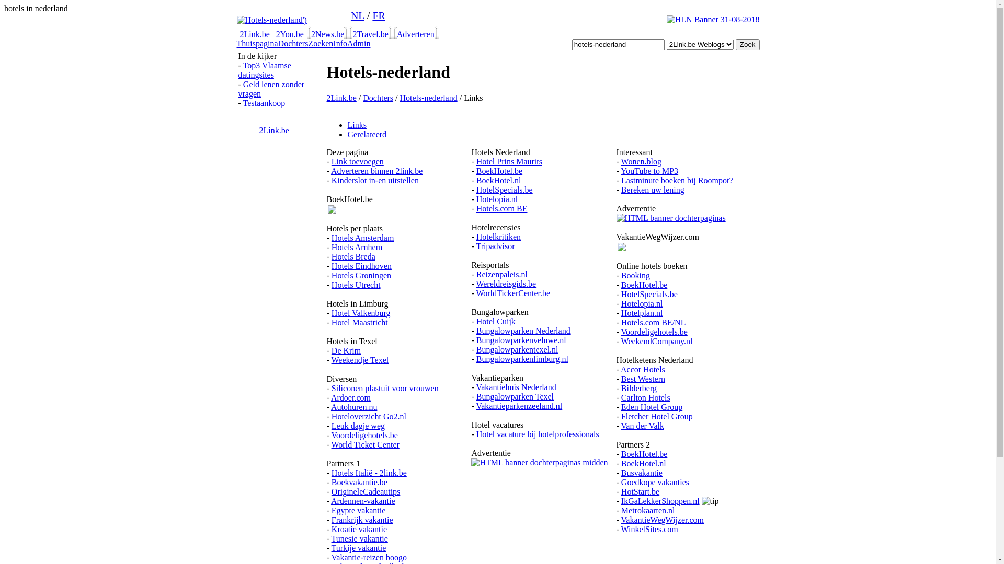 The width and height of the screenshot is (1004, 564). What do you see at coordinates (642, 379) in the screenshot?
I see `'Best Western'` at bounding box center [642, 379].